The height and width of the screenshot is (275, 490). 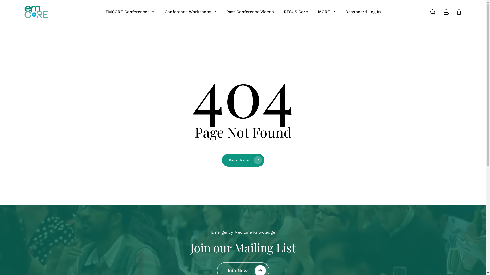 What do you see at coordinates (243, 160) in the screenshot?
I see `'Back Home'` at bounding box center [243, 160].